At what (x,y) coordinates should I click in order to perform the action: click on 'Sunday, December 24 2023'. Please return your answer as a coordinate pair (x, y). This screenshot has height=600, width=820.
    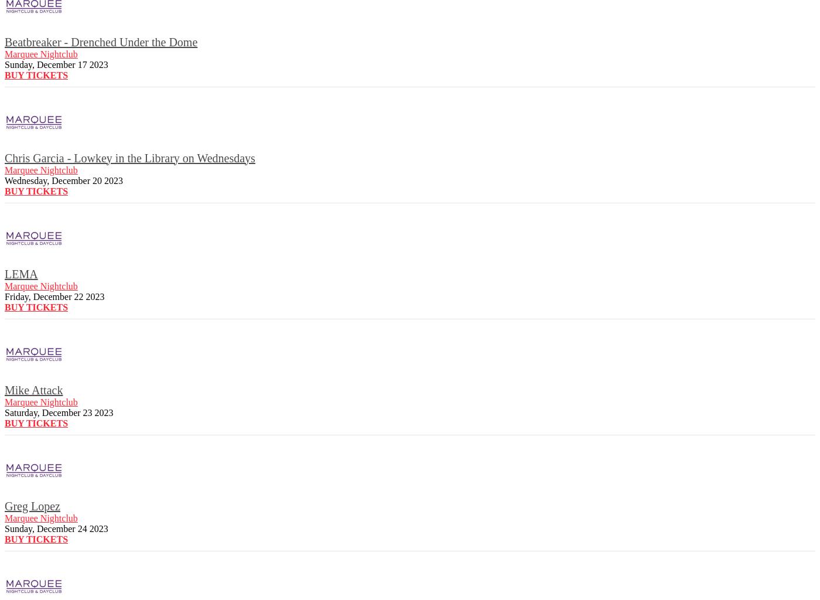
    Looking at the image, I should click on (56, 527).